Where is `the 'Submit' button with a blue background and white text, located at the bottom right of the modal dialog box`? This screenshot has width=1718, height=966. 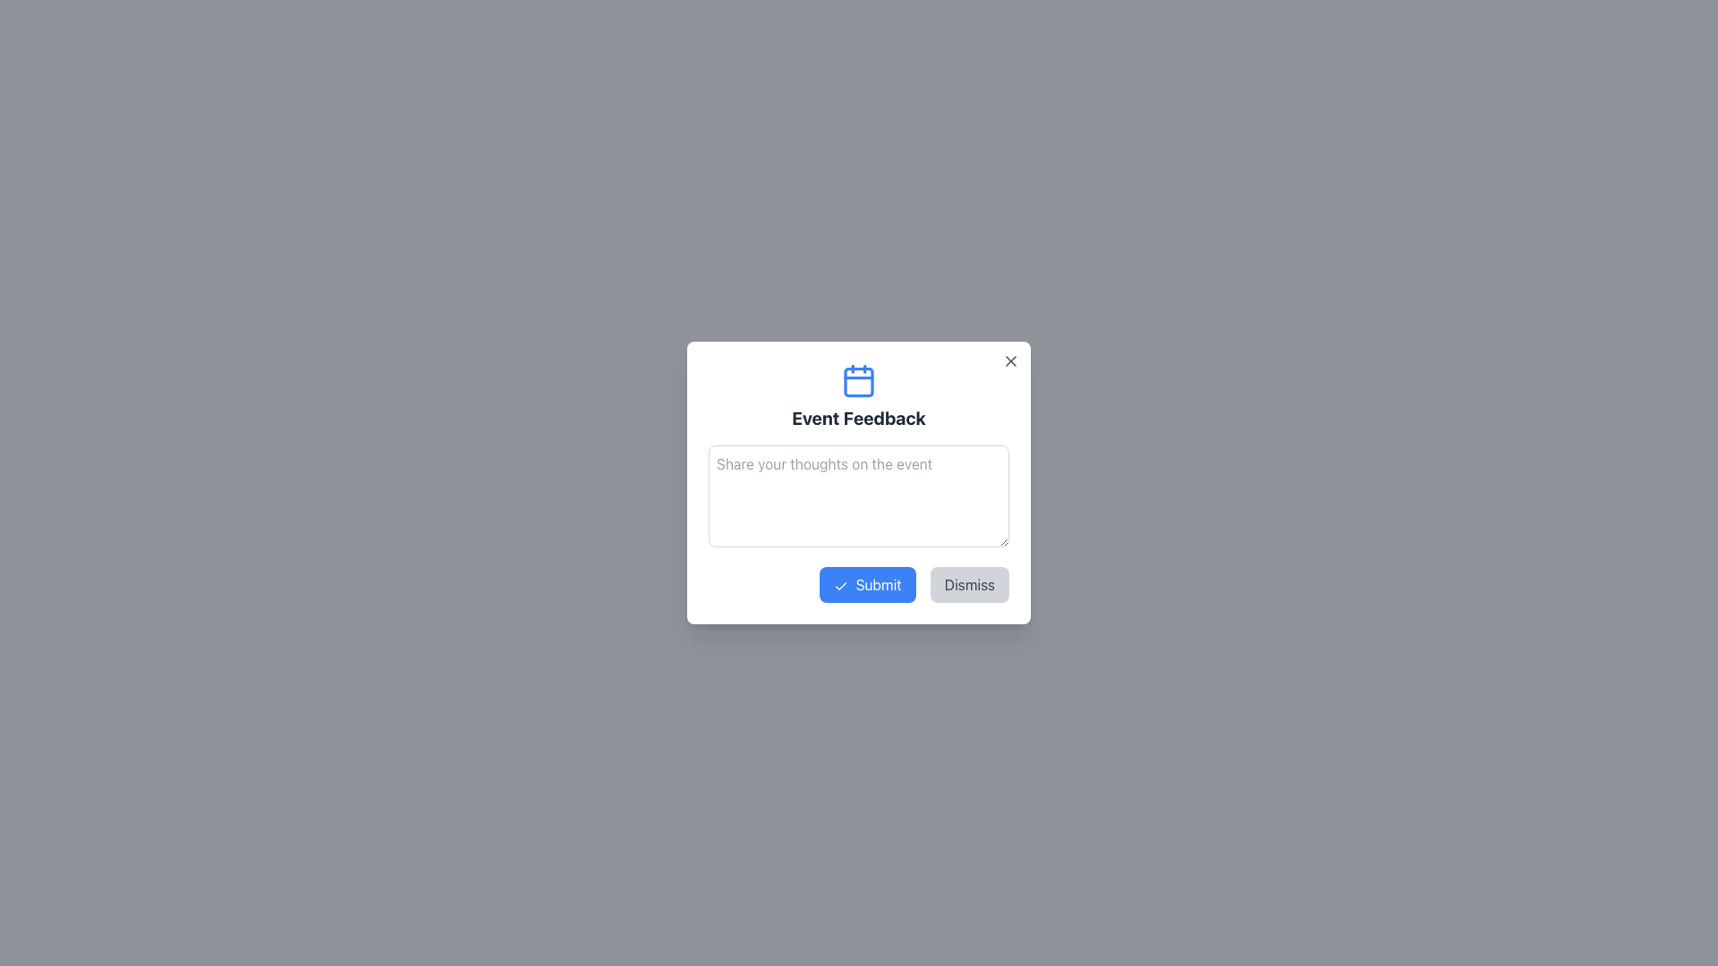
the 'Submit' button with a blue background and white text, located at the bottom right of the modal dialog box is located at coordinates (868, 585).